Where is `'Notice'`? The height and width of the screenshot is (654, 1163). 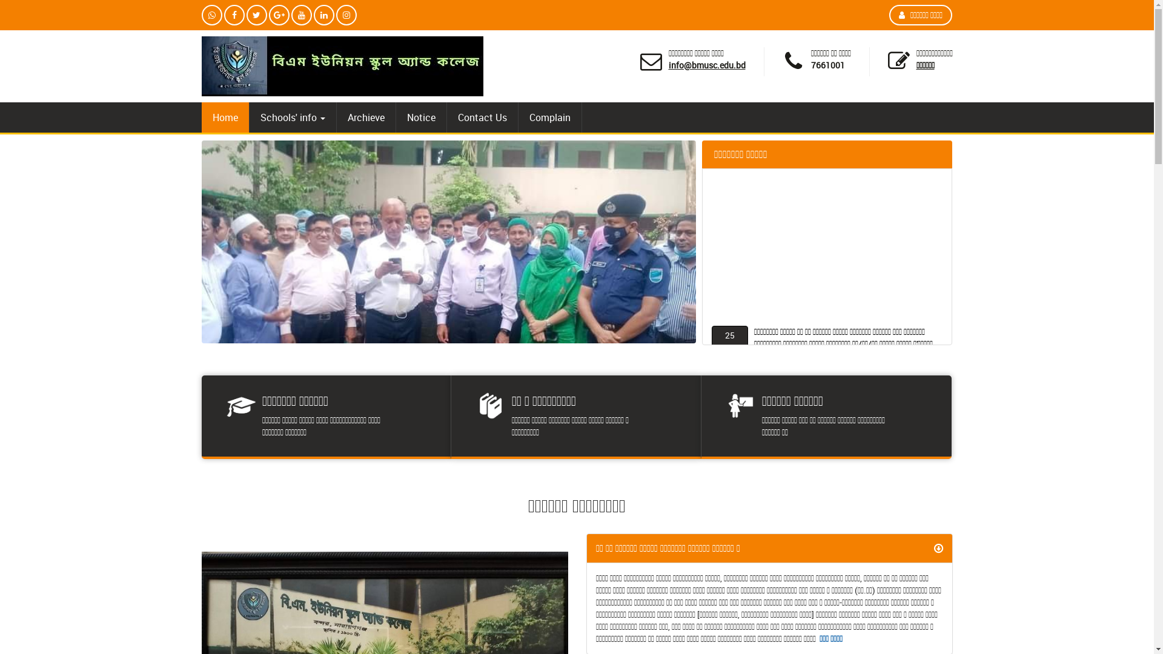 'Notice' is located at coordinates (396, 117).